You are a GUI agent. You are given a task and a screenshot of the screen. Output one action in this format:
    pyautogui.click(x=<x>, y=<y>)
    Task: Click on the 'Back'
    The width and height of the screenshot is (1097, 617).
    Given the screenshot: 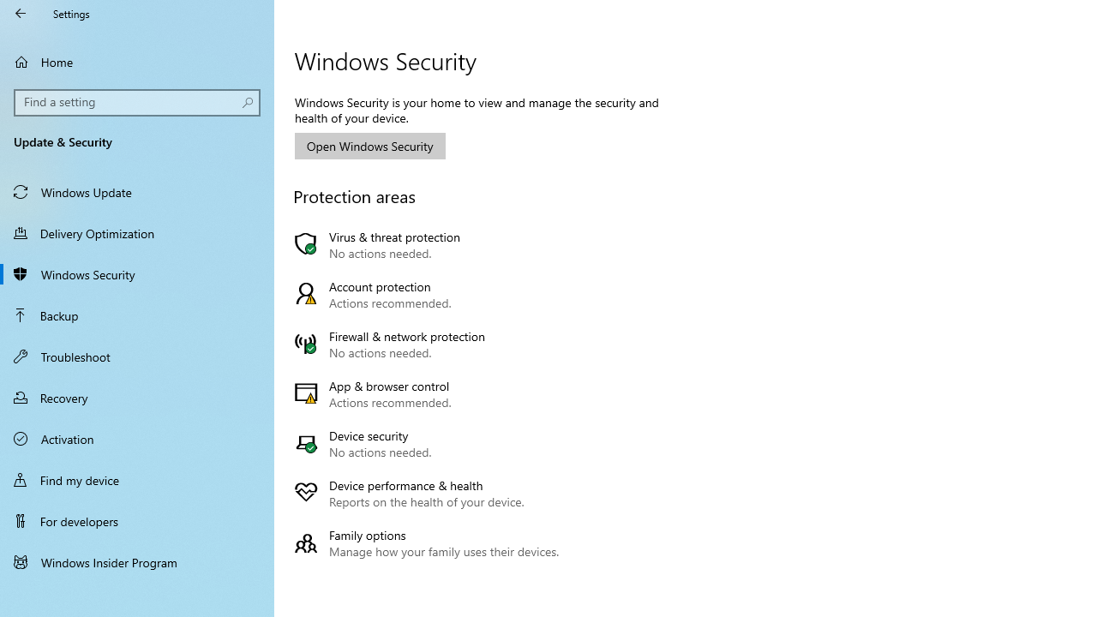 What is the action you would take?
    pyautogui.click(x=21, y=13)
    